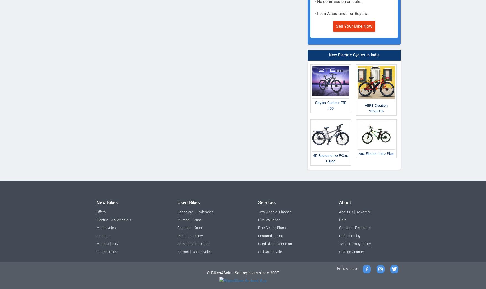  What do you see at coordinates (195, 236) in the screenshot?
I see `'Lucknow'` at bounding box center [195, 236].